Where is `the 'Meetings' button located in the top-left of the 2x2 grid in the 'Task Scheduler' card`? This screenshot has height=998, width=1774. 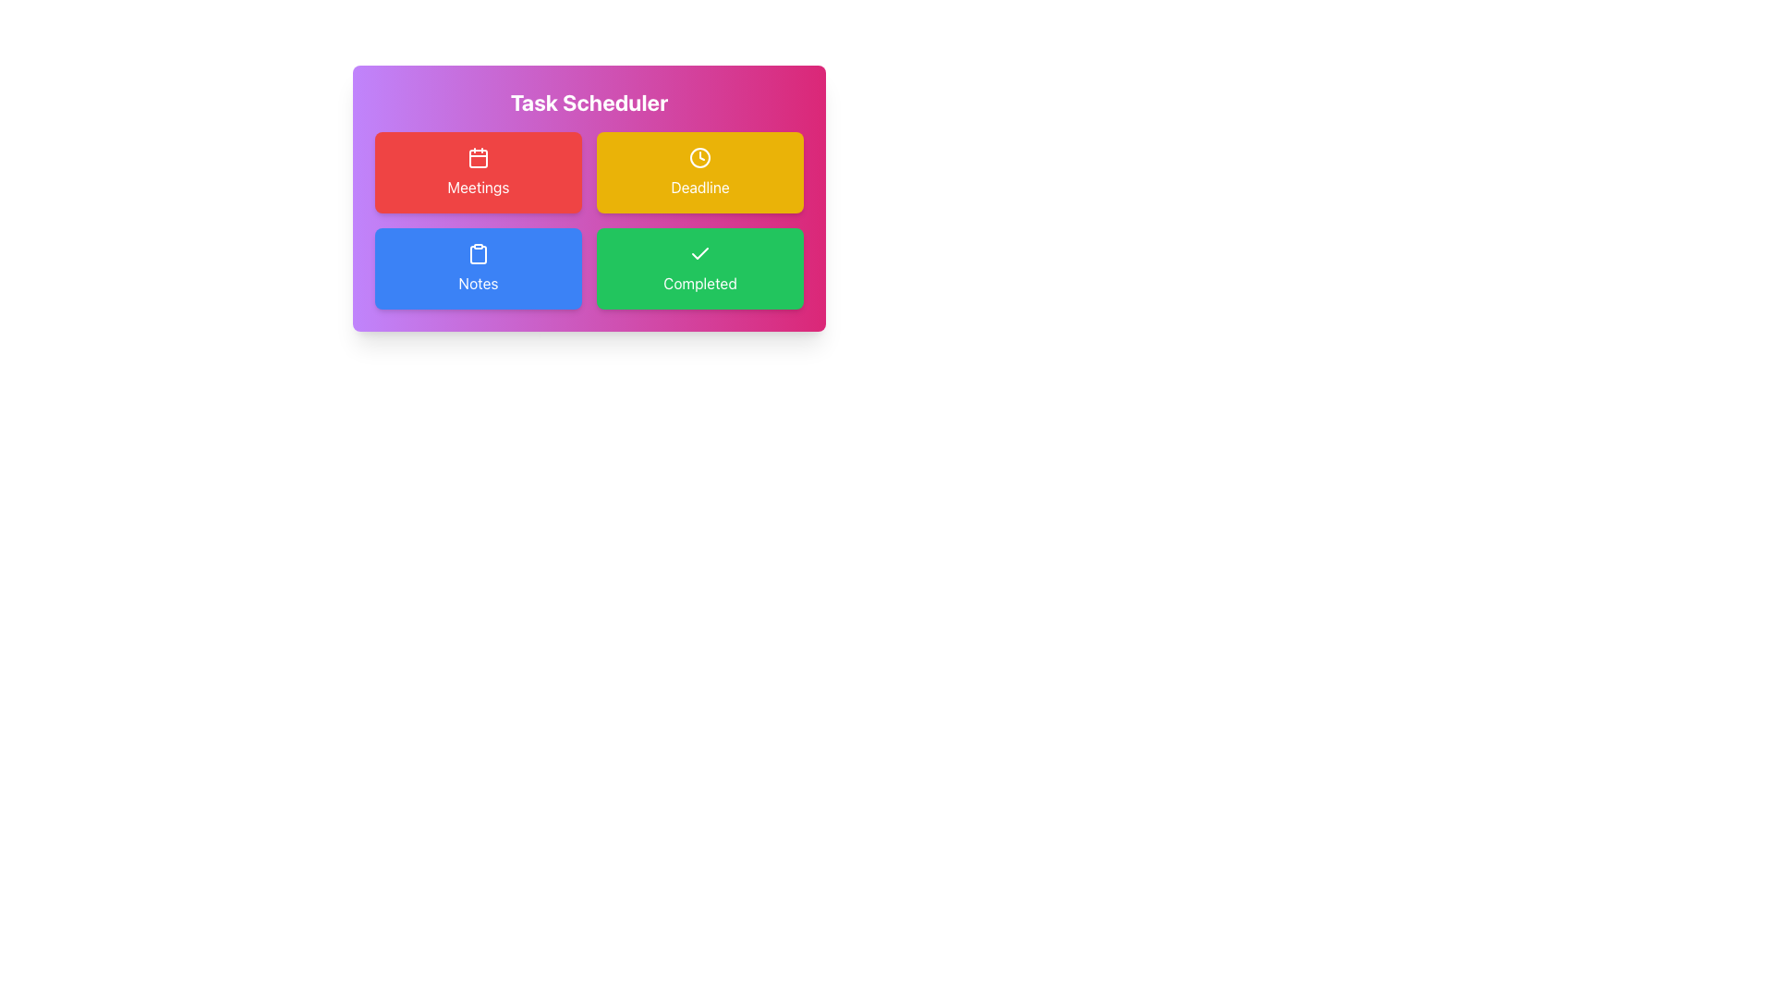
the 'Meetings' button located in the top-left of the 2x2 grid in the 'Task Scheduler' card is located at coordinates (479, 172).